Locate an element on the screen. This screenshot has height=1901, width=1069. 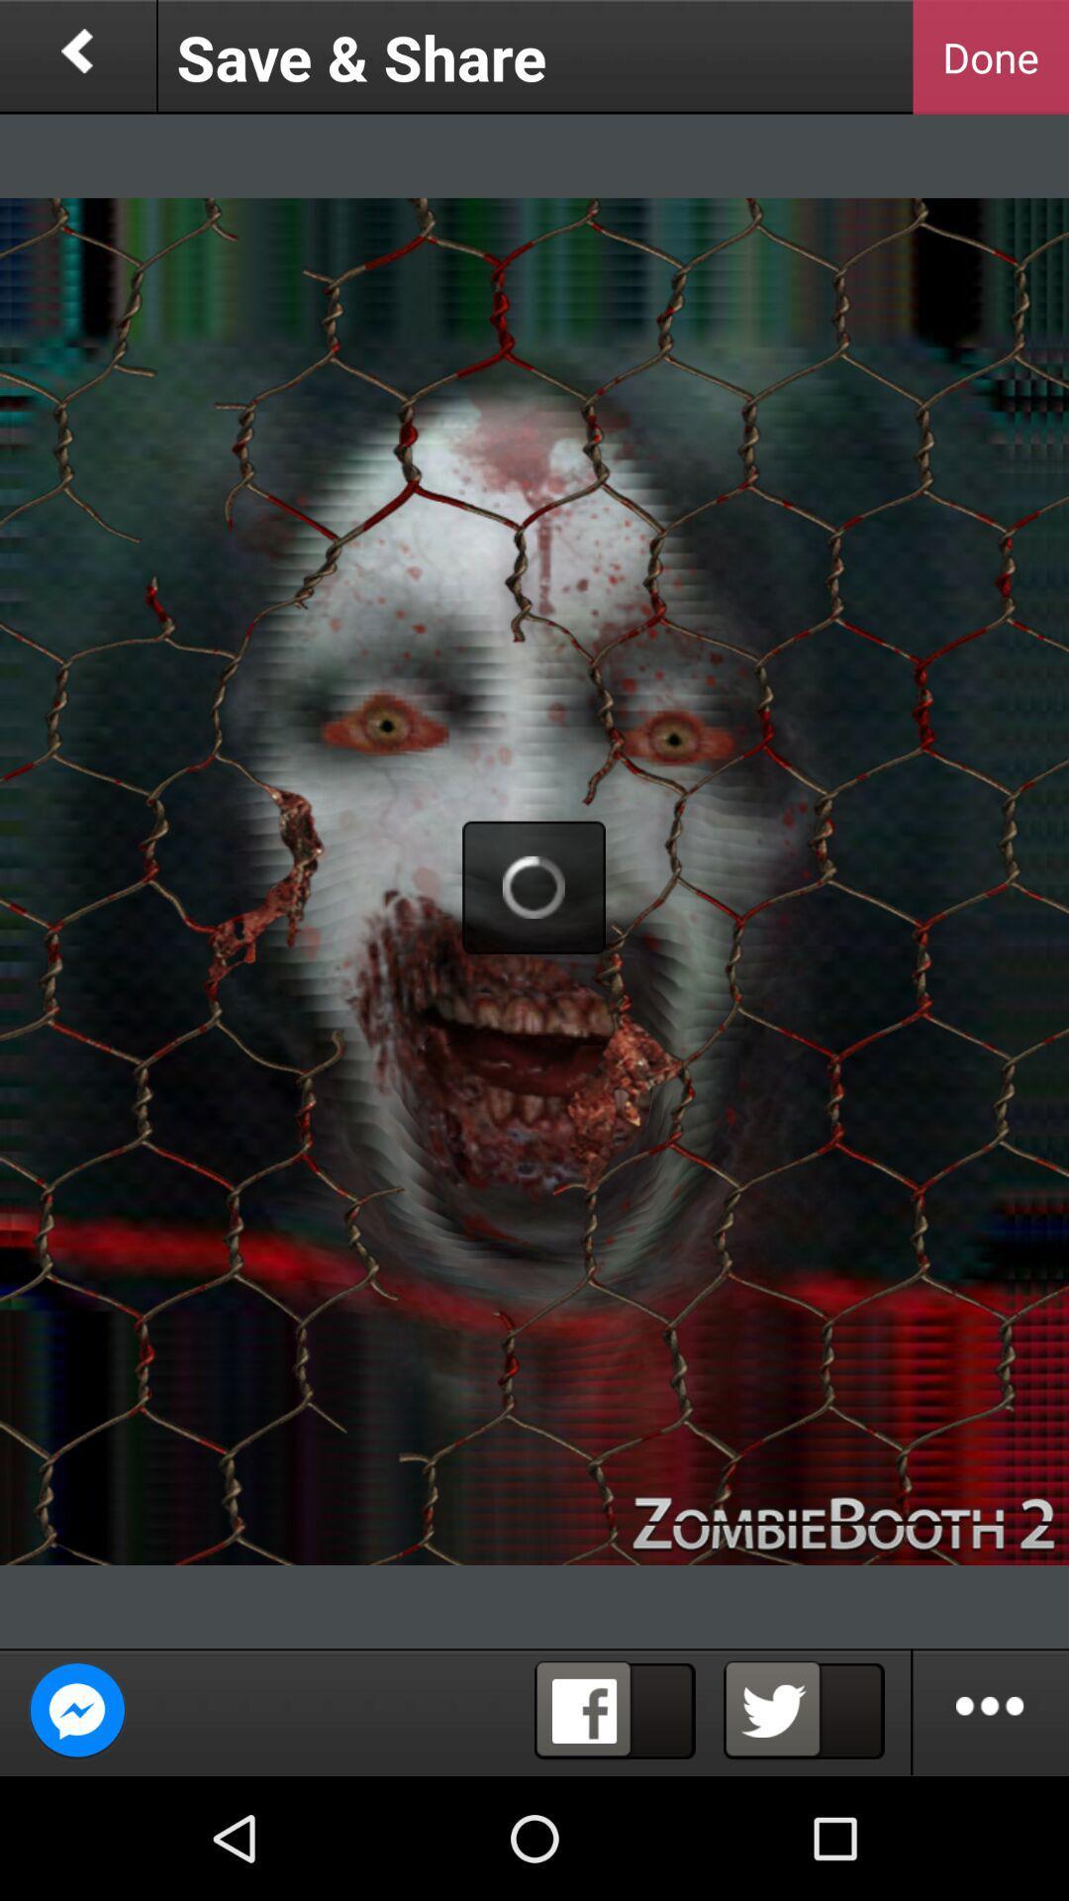
facebook toggle option is located at coordinates (614, 1710).